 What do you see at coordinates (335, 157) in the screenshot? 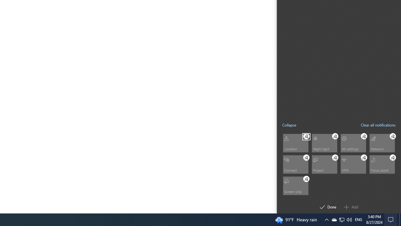
I see `'Project Unpin'` at bounding box center [335, 157].